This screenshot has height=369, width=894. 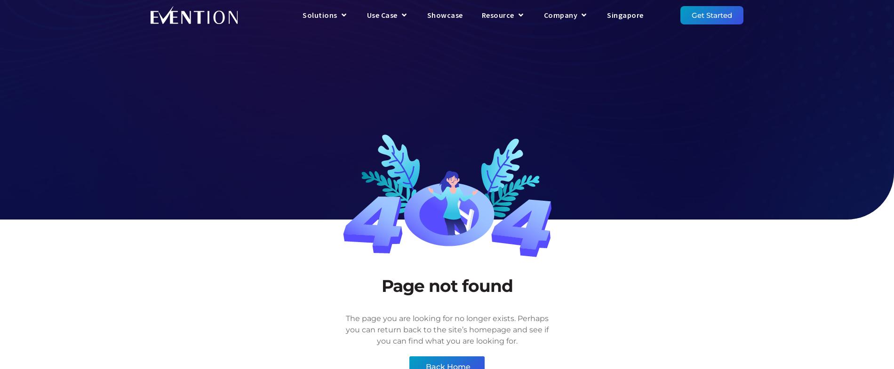 I want to click on 'Privacy Policy', so click(x=579, y=122).